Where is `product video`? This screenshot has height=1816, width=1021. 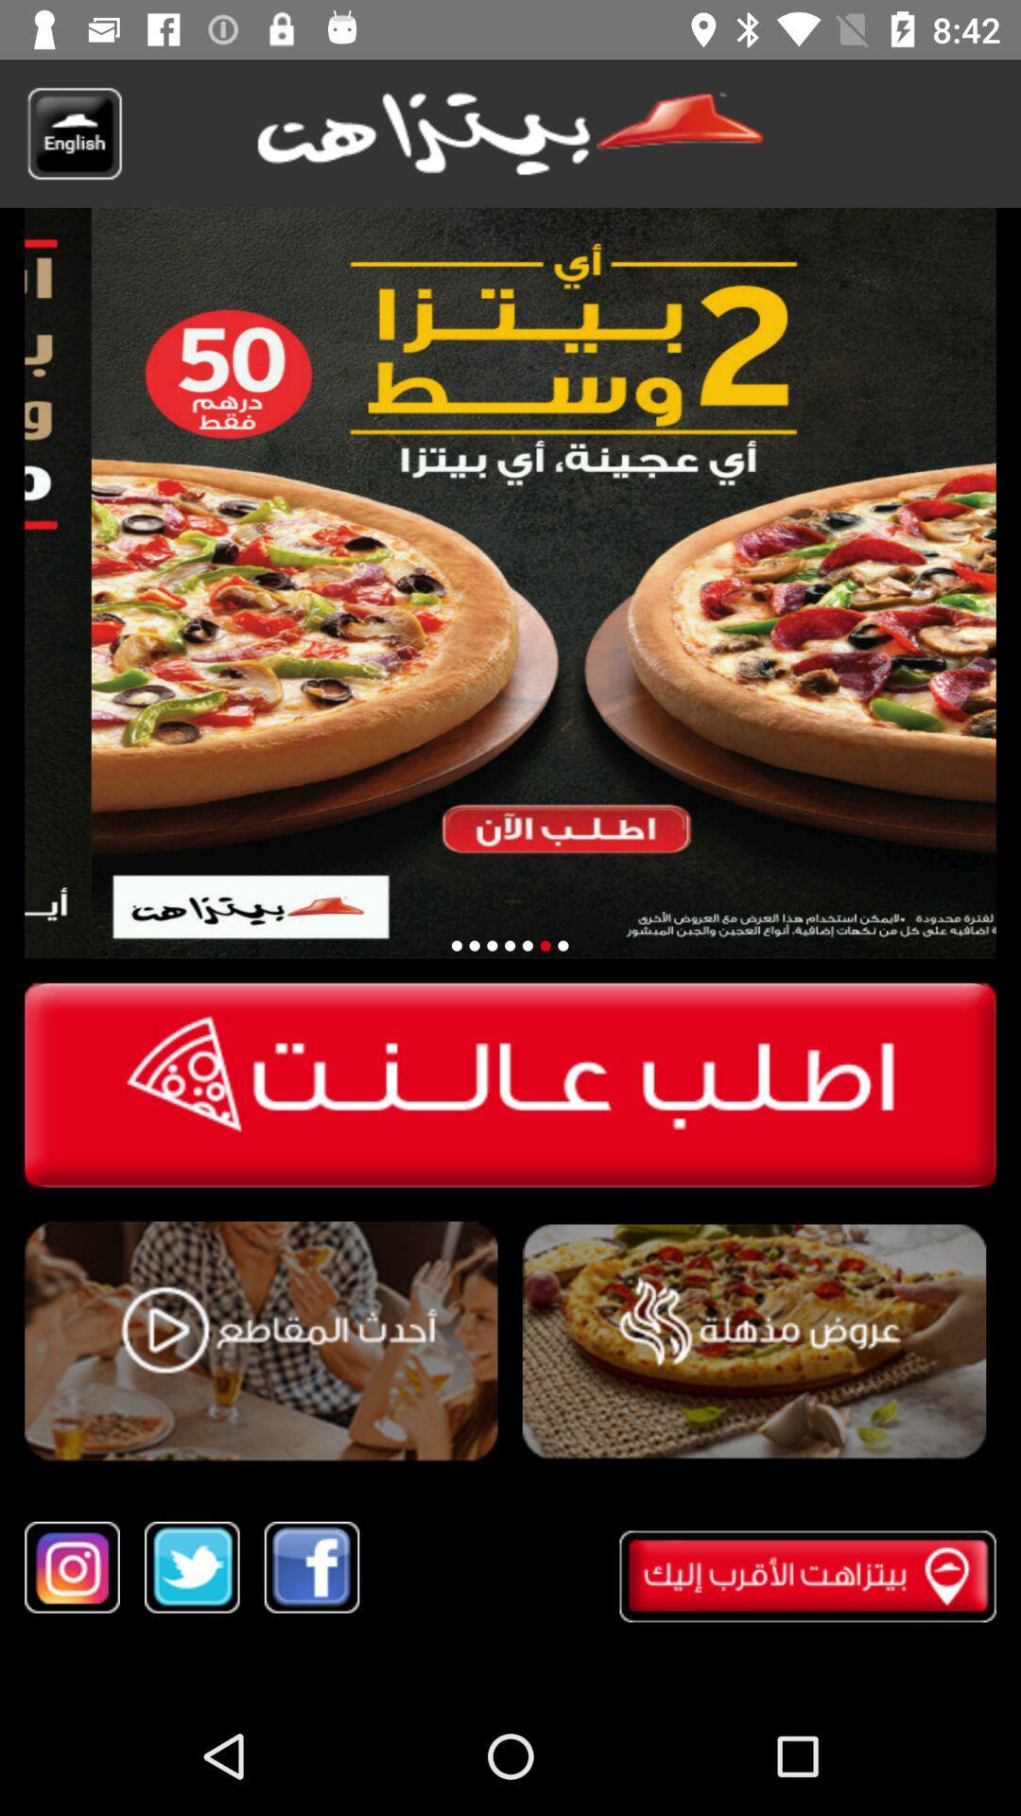
product video is located at coordinates (261, 1341).